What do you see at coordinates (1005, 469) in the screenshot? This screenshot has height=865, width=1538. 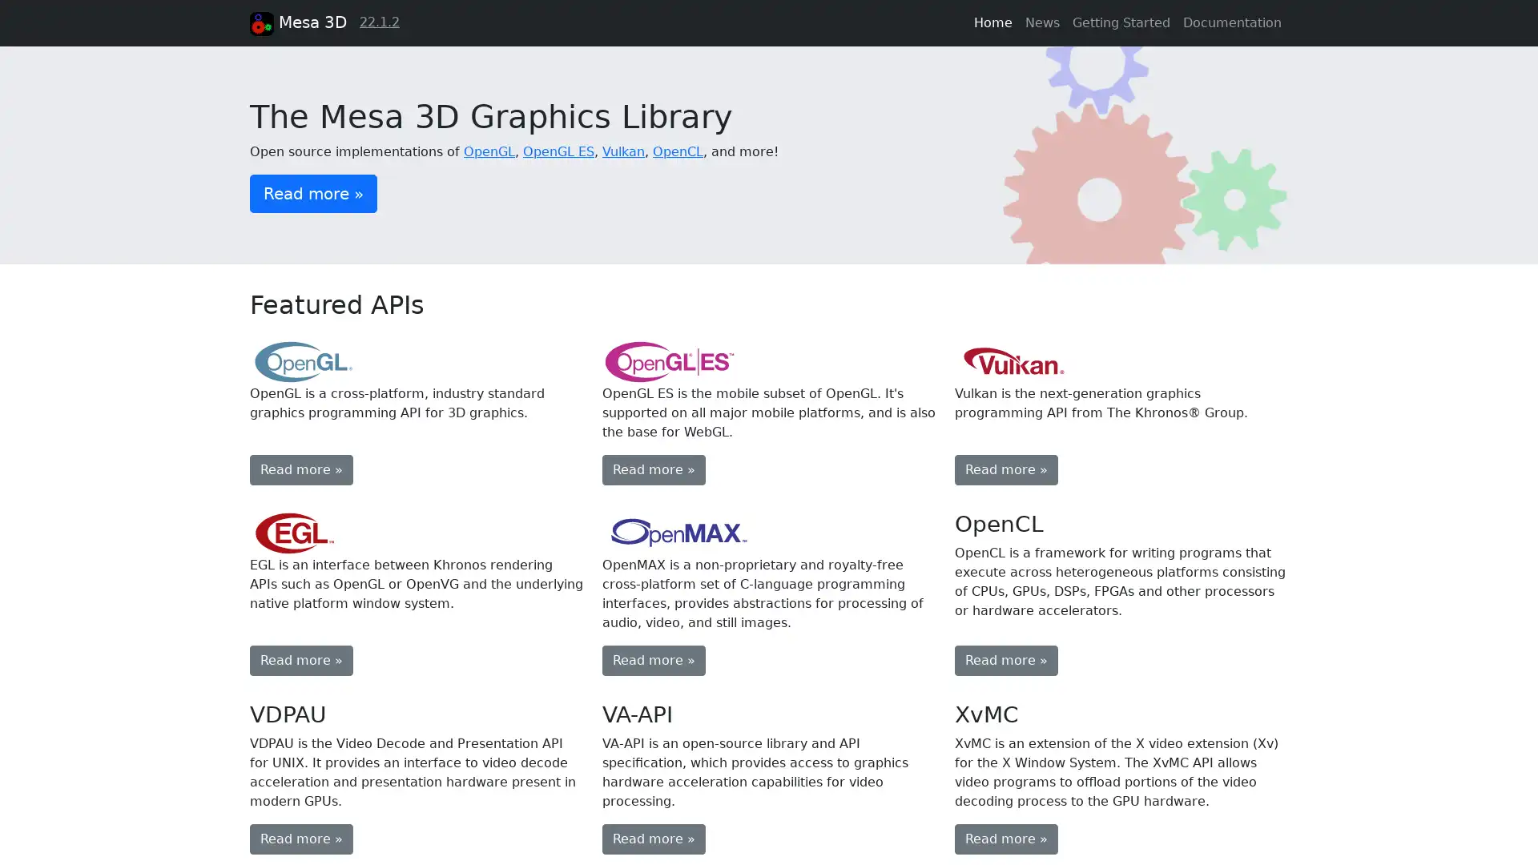 I see `Read more` at bounding box center [1005, 469].